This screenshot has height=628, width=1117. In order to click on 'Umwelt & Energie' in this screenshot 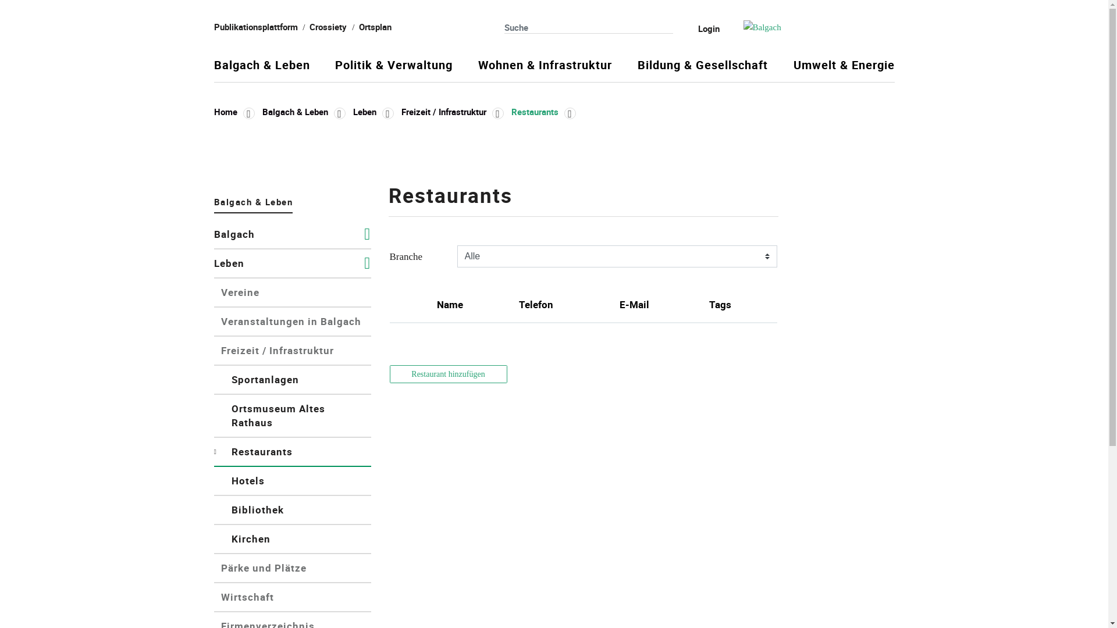, I will do `click(844, 70)`.